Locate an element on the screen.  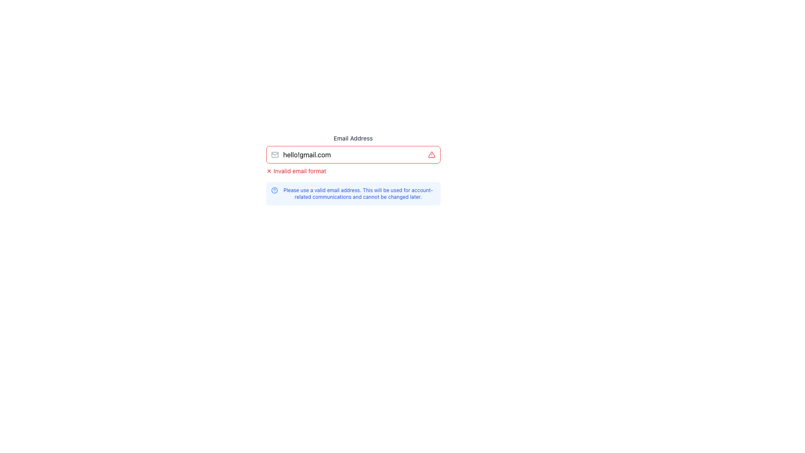
the red warning triangle icon that signifies an alert or error, which is positioned near the right end of an input box indicating an invalid email format is located at coordinates (431, 155).